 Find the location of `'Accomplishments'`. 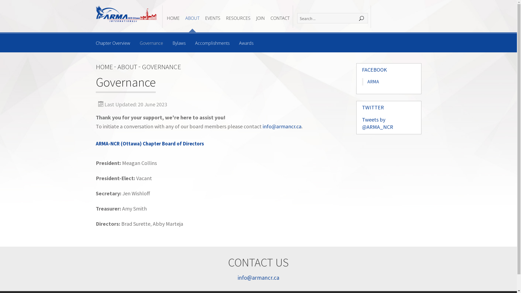

'Accomplishments' is located at coordinates (212, 43).